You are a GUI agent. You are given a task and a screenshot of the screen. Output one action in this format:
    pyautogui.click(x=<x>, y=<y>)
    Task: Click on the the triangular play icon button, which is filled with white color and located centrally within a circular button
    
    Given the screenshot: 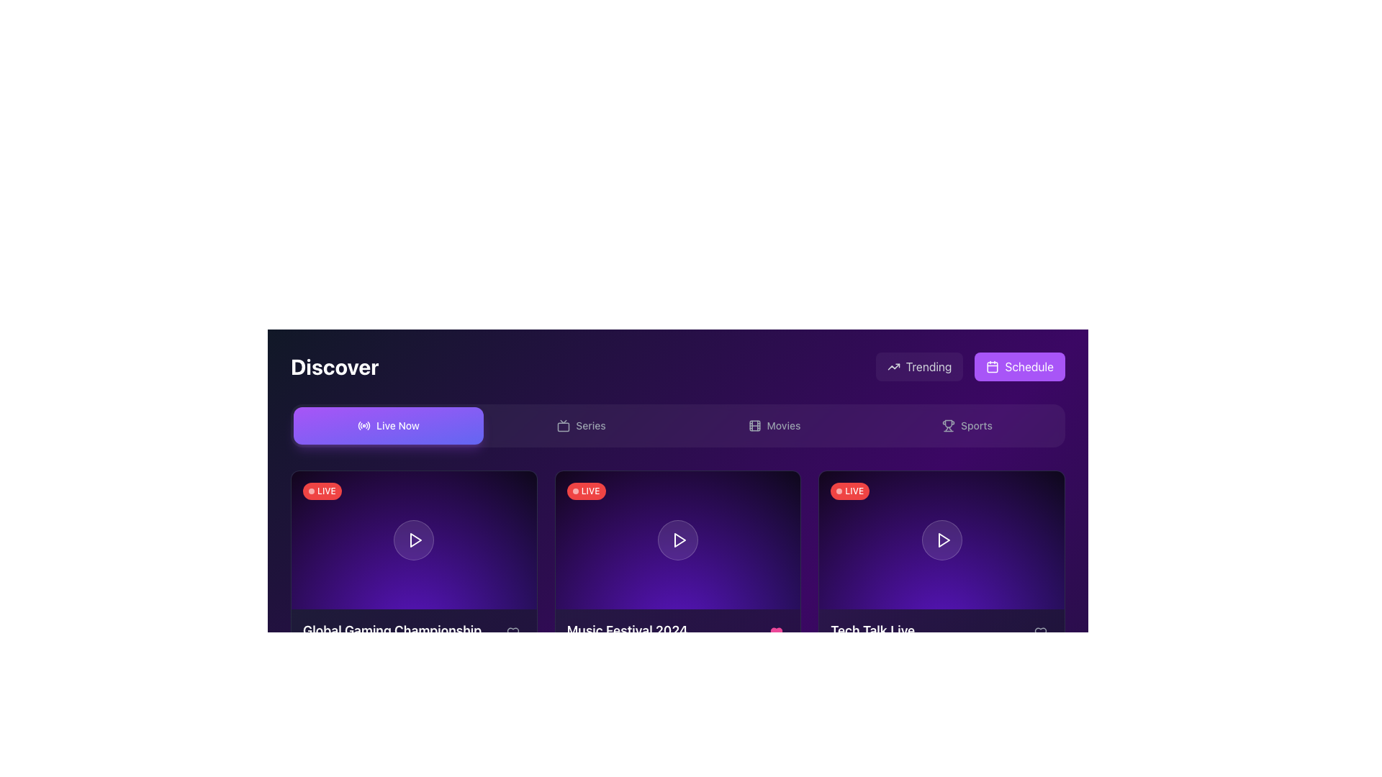 What is the action you would take?
    pyautogui.click(x=943, y=540)
    